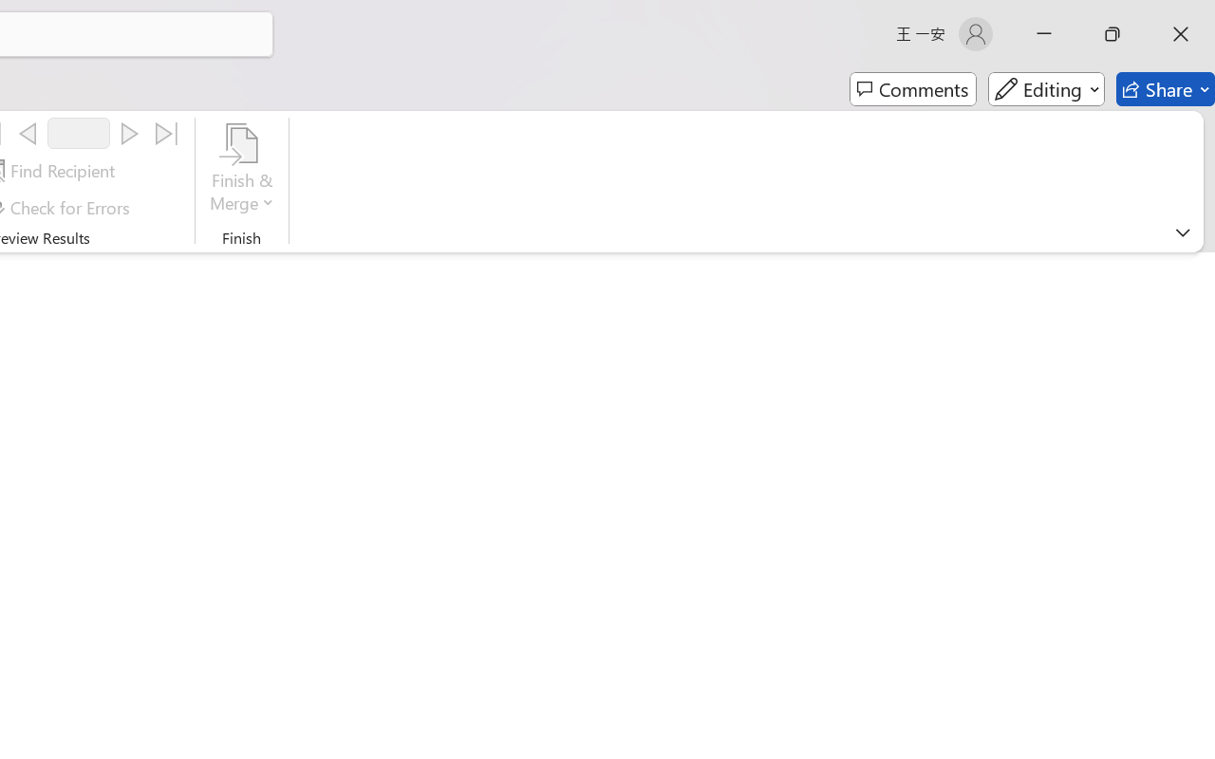 Image resolution: width=1215 pixels, height=759 pixels. Describe the element at coordinates (28, 134) in the screenshot. I see `'Previous'` at that location.